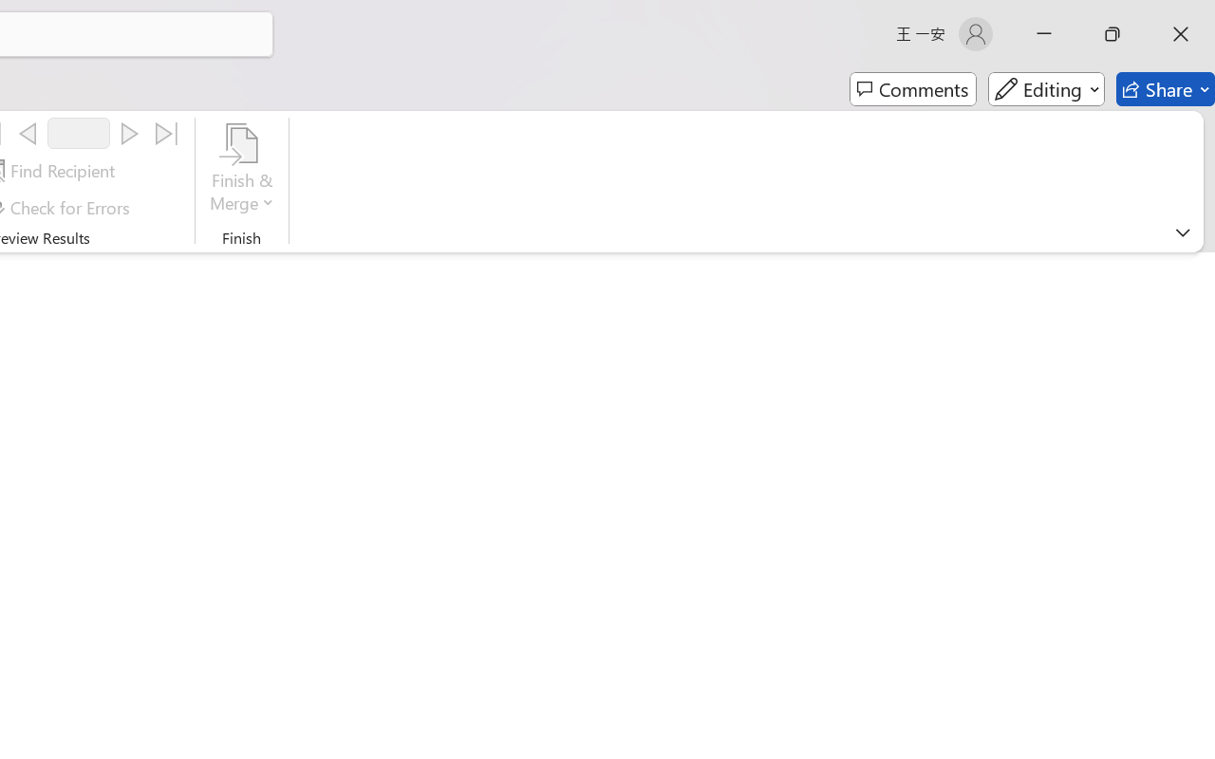 Image resolution: width=1215 pixels, height=759 pixels. Describe the element at coordinates (28, 134) in the screenshot. I see `'Previous'` at that location.